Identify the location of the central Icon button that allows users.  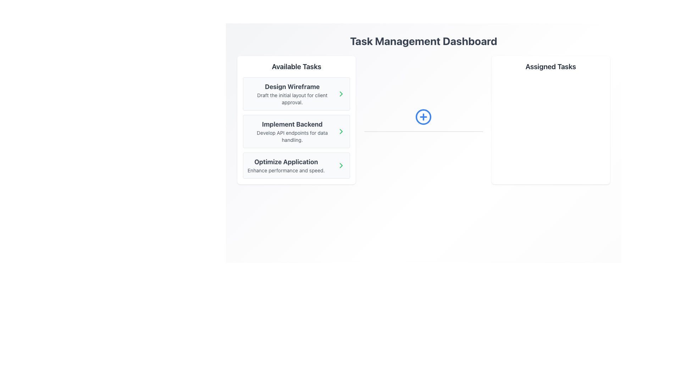
(423, 120).